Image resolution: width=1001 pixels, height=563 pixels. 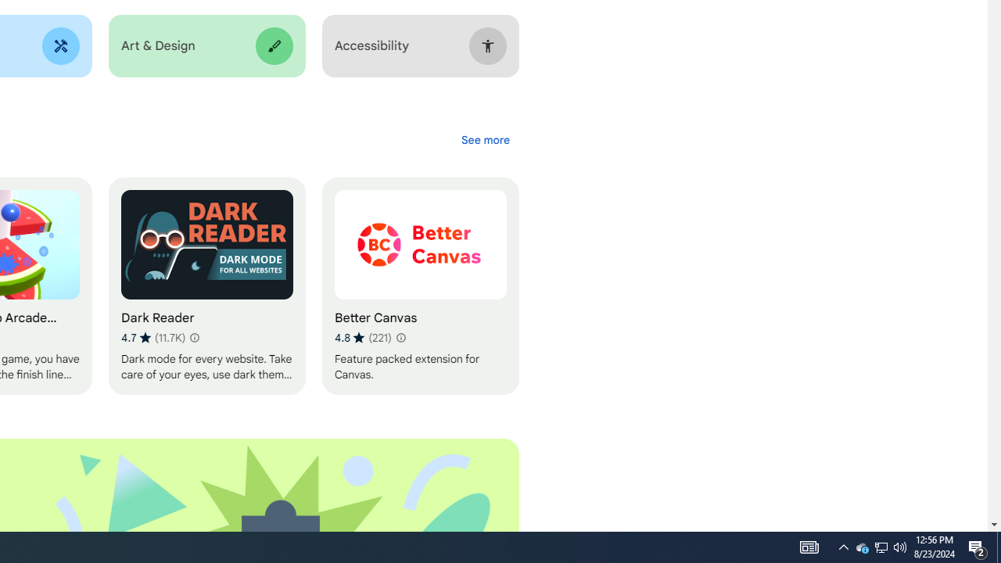 What do you see at coordinates (206, 45) in the screenshot?
I see `'Art & Design'` at bounding box center [206, 45].